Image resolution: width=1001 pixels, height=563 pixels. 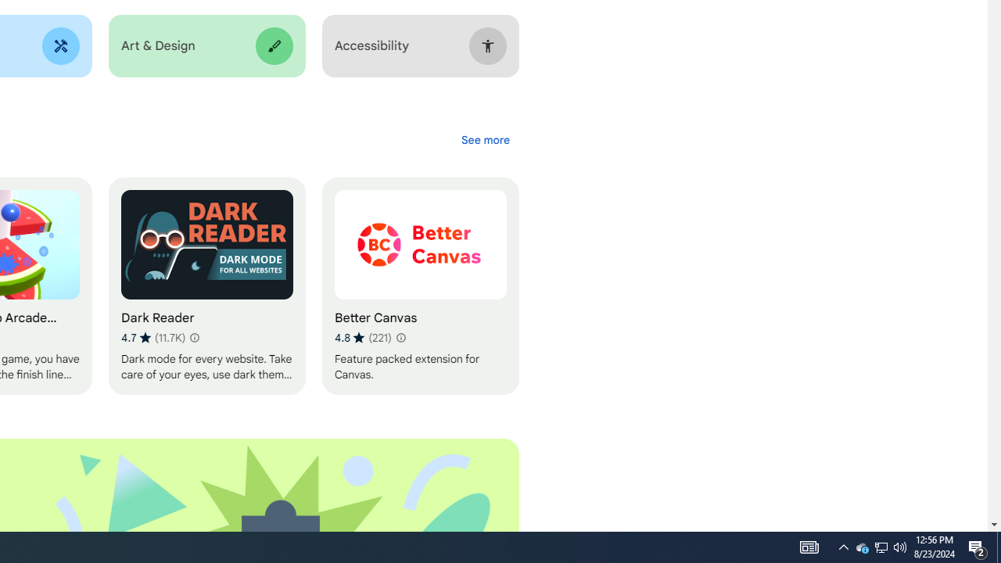 What do you see at coordinates (206, 45) in the screenshot?
I see `'Art & Design'` at bounding box center [206, 45].